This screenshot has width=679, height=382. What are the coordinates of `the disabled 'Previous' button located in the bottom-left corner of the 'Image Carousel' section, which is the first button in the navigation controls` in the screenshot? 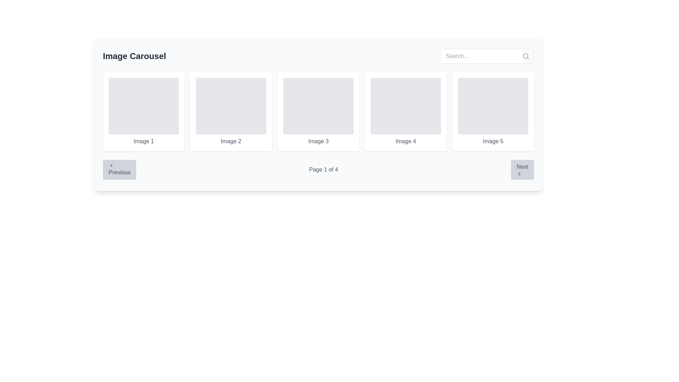 It's located at (120, 169).